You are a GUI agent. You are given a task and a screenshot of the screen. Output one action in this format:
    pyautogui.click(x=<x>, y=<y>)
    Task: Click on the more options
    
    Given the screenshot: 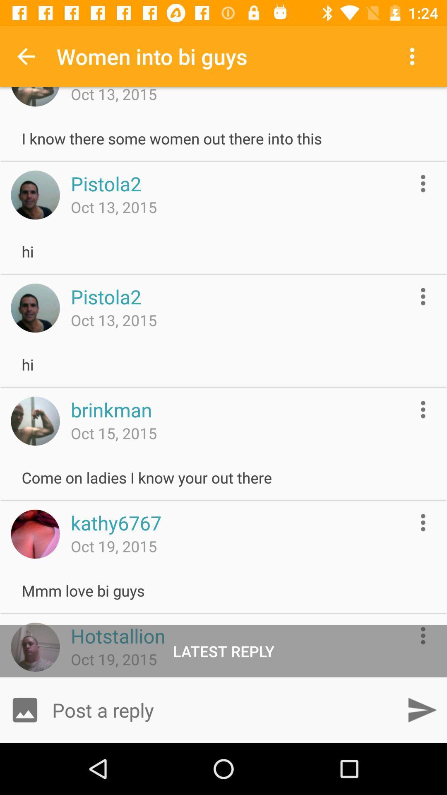 What is the action you would take?
    pyautogui.click(x=423, y=183)
    